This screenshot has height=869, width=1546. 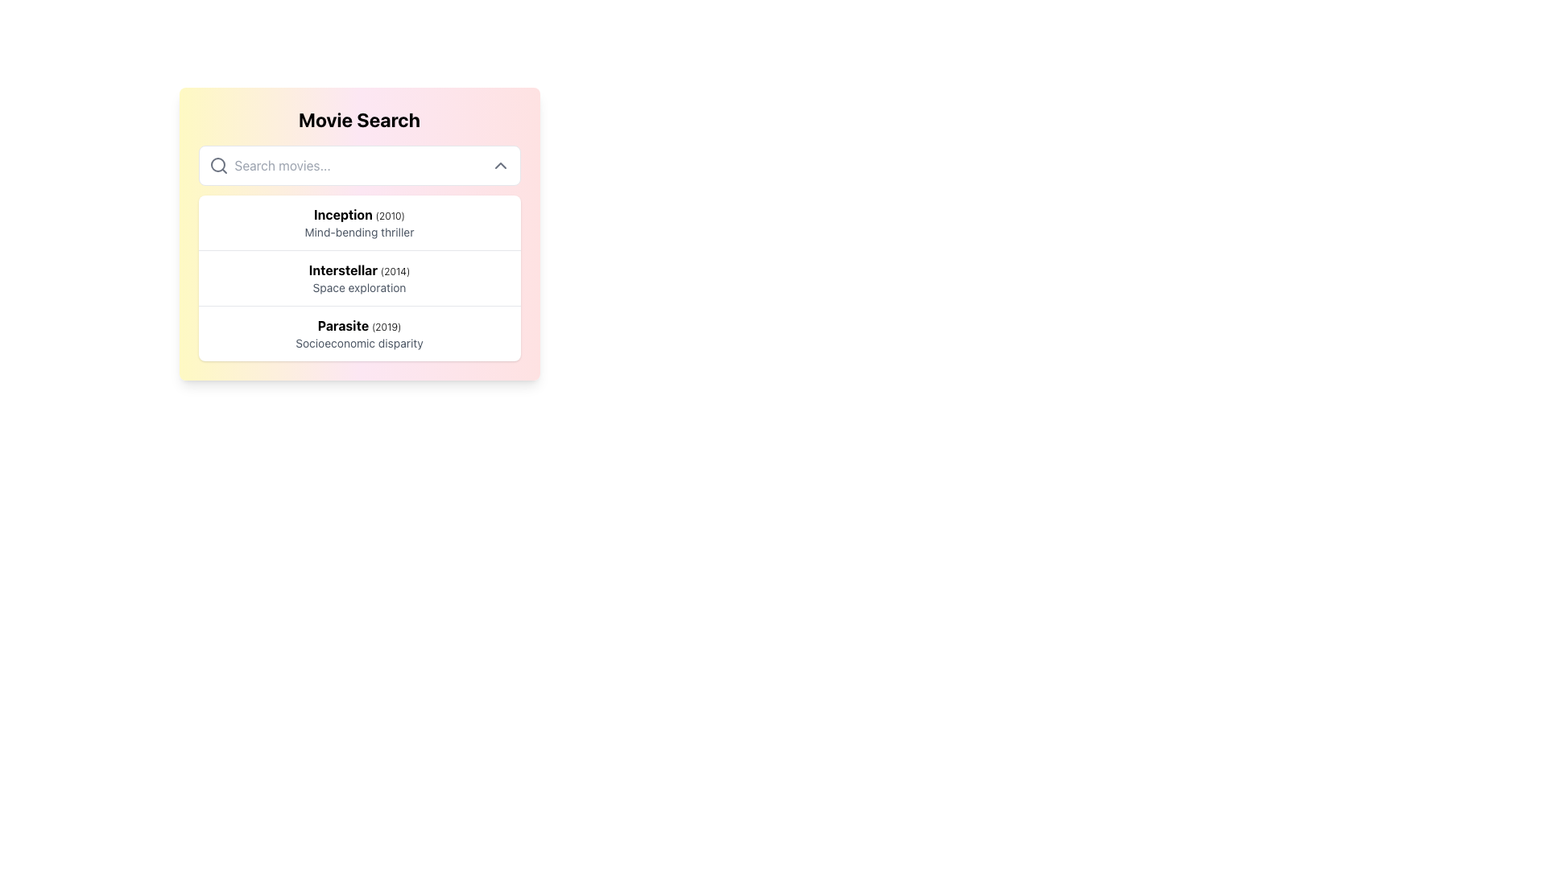 I want to click on the Text Label displaying '(2019)' which is positioned immediately to the right of the bold 'Parasite' text, part of the combined text 'Parasite (2019)' in the Movie Search list, so click(x=386, y=326).